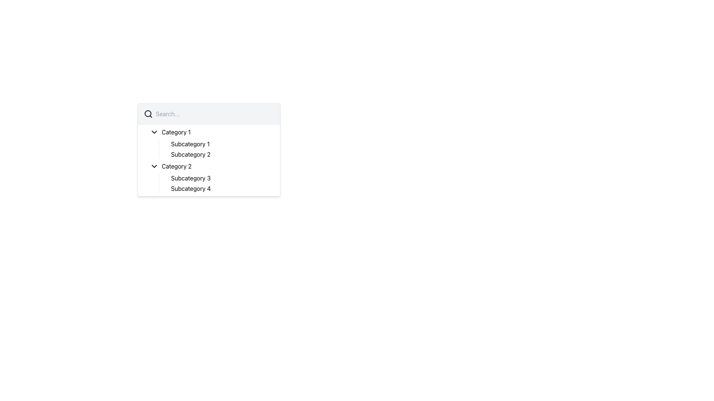  I want to click on the downward-facing chevron icon associated with 'Category 2', so click(154, 166).